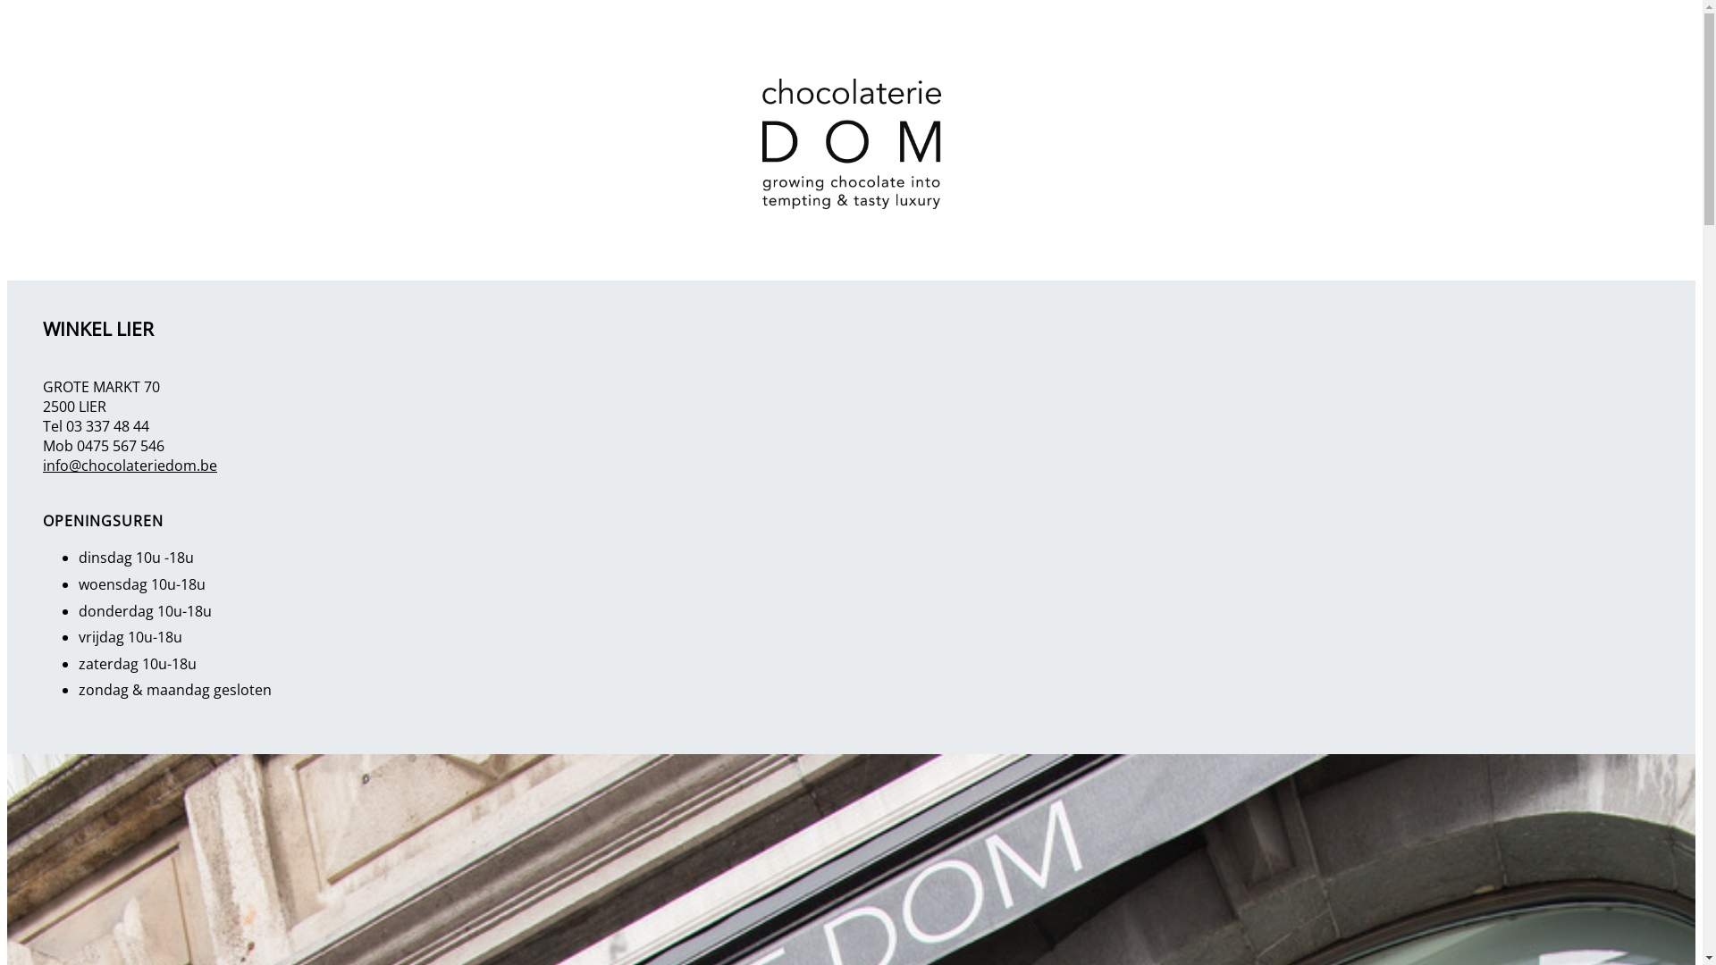 The width and height of the screenshot is (1716, 965). What do you see at coordinates (129, 464) in the screenshot?
I see `'info@chocolateriedom.be'` at bounding box center [129, 464].